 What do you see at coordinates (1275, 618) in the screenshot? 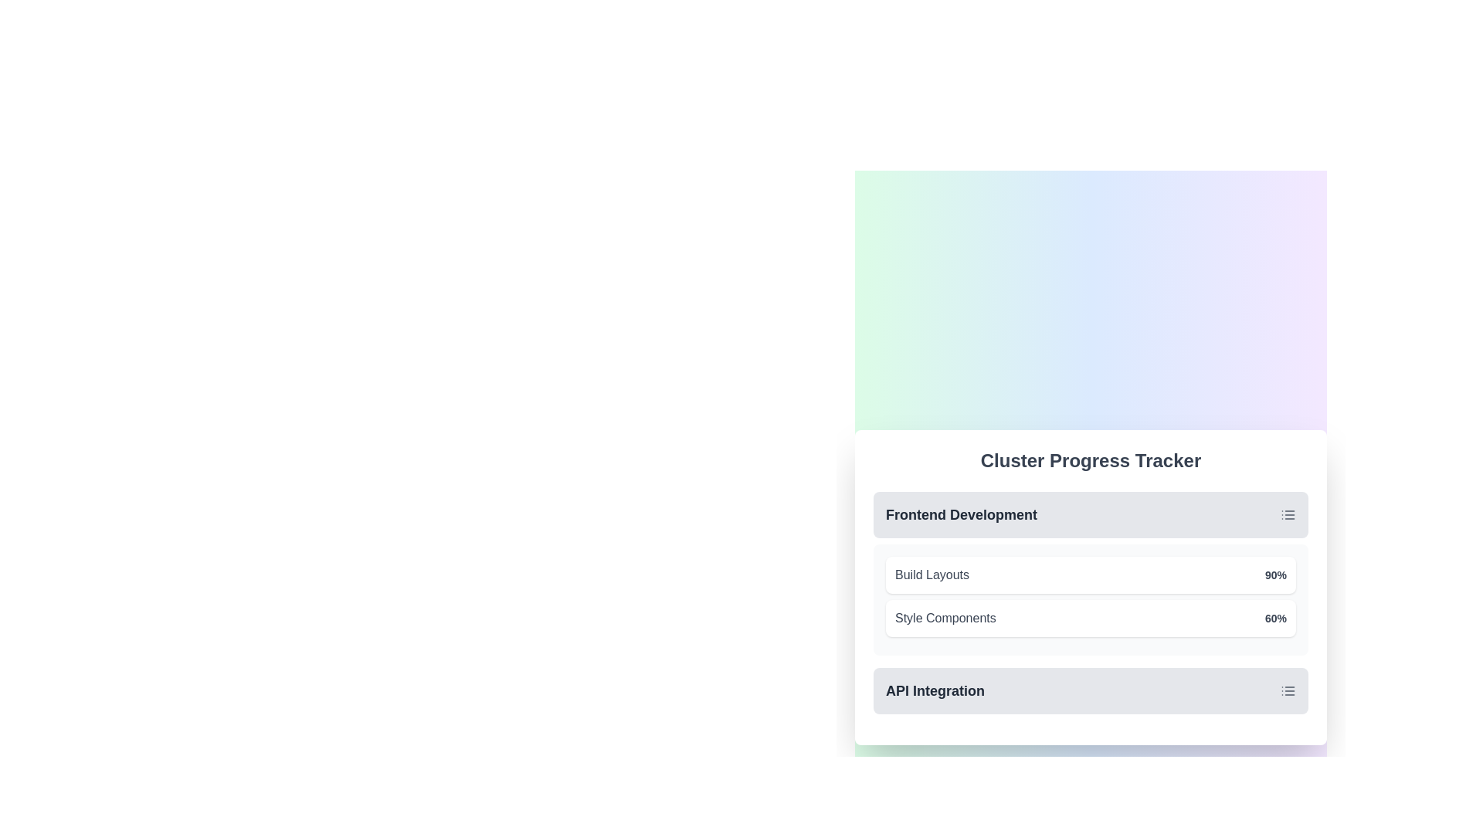
I see `the text label displaying '60%' in bold styling, indicating a percentage value, located within the 'Frontend Development' section next to the 'Style Components' list item` at bounding box center [1275, 618].